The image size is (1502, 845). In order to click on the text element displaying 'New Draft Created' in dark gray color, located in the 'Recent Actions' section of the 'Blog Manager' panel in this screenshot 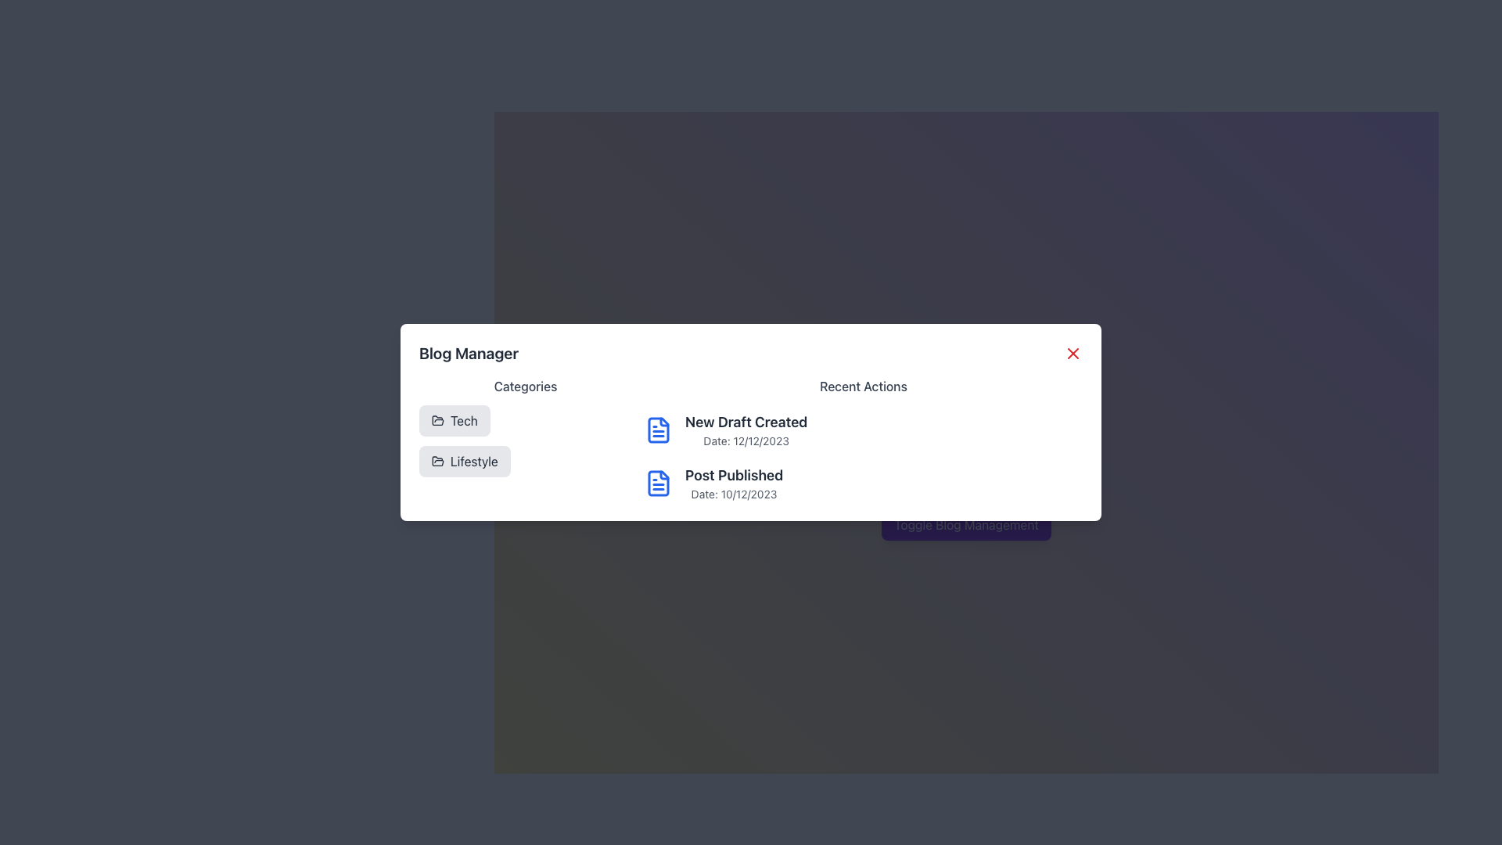, I will do `click(746, 422)`.